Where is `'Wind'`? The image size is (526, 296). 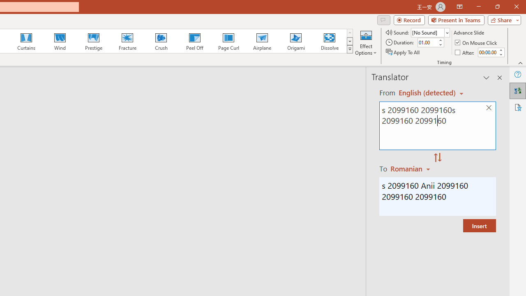 'Wind' is located at coordinates (59, 41).